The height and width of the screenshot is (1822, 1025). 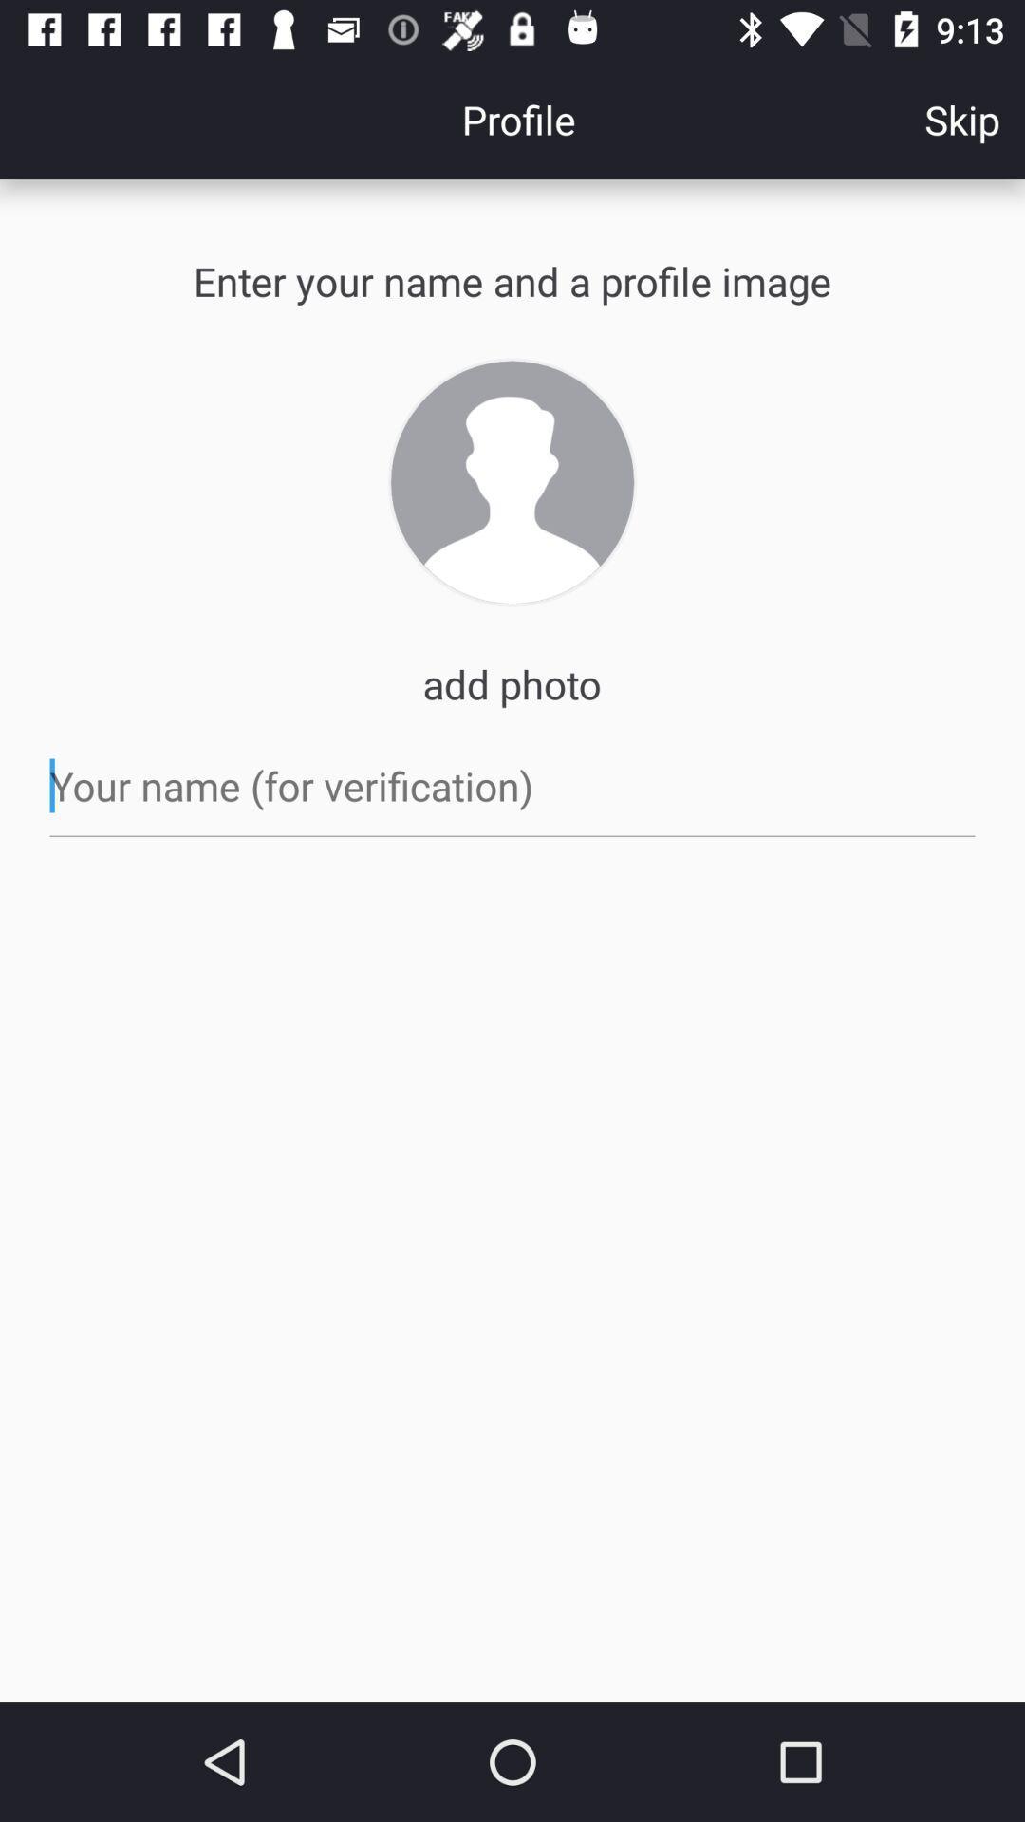 What do you see at coordinates (962, 118) in the screenshot?
I see `icon to the right of the profile` at bounding box center [962, 118].